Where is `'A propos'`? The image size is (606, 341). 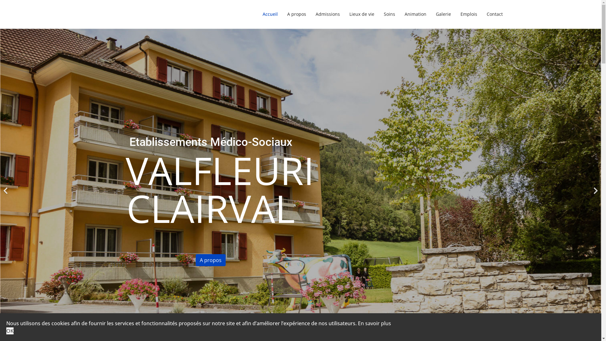 'A propos' is located at coordinates (296, 14).